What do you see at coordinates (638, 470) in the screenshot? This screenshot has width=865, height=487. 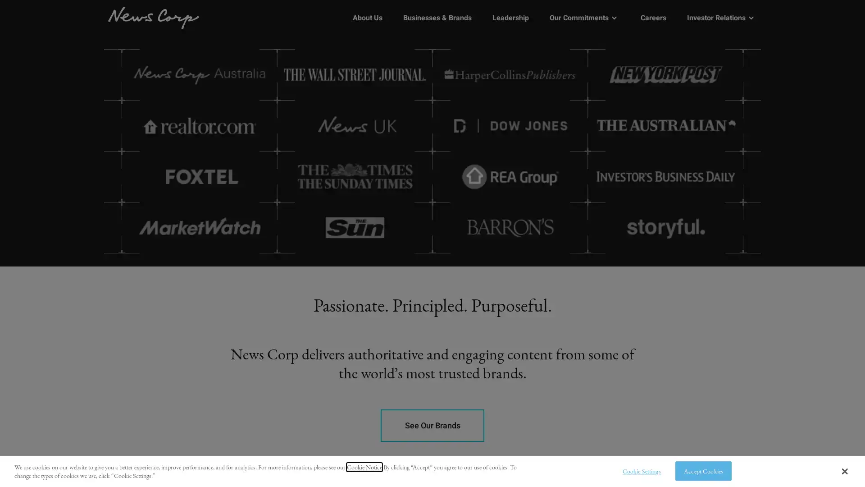 I see `Cookie Settings` at bounding box center [638, 470].